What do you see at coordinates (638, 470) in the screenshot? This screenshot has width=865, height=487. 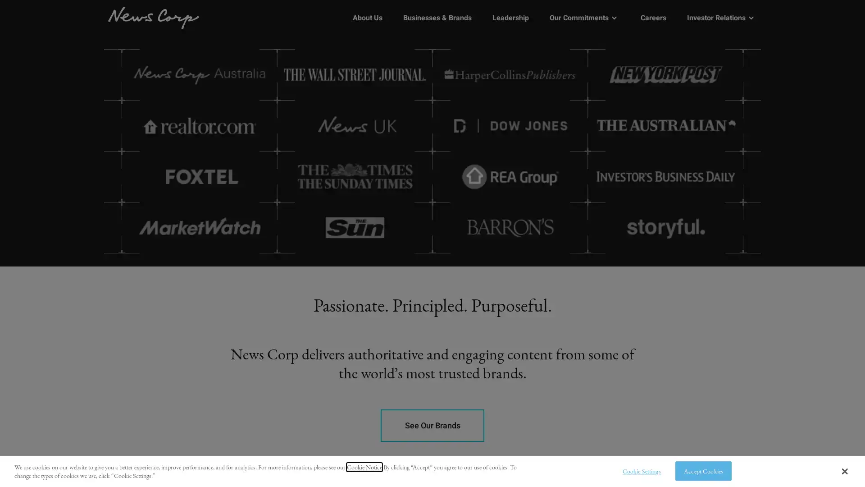 I see `Cookie Settings` at bounding box center [638, 470].